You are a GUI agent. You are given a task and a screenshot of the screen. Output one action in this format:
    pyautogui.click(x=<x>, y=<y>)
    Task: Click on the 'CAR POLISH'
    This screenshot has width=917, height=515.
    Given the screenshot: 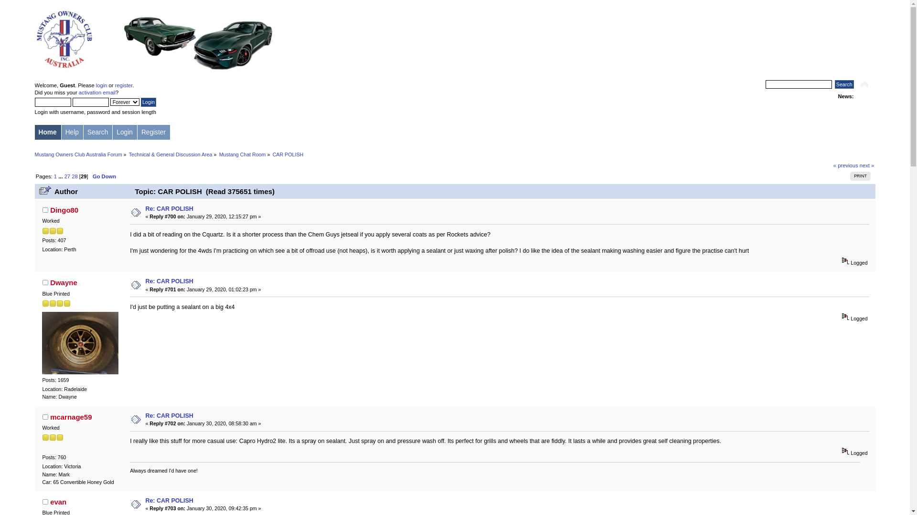 What is the action you would take?
    pyautogui.click(x=288, y=154)
    